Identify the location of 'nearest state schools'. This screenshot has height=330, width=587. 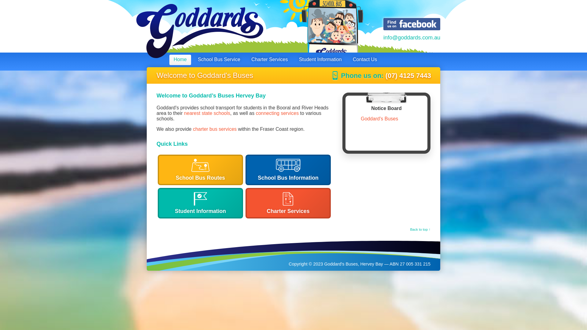
(183, 113).